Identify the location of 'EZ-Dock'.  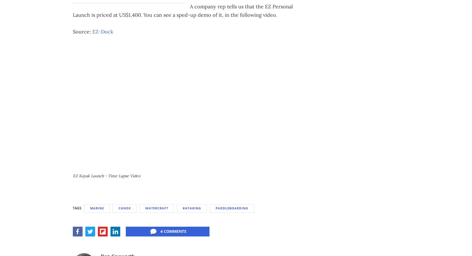
(103, 31).